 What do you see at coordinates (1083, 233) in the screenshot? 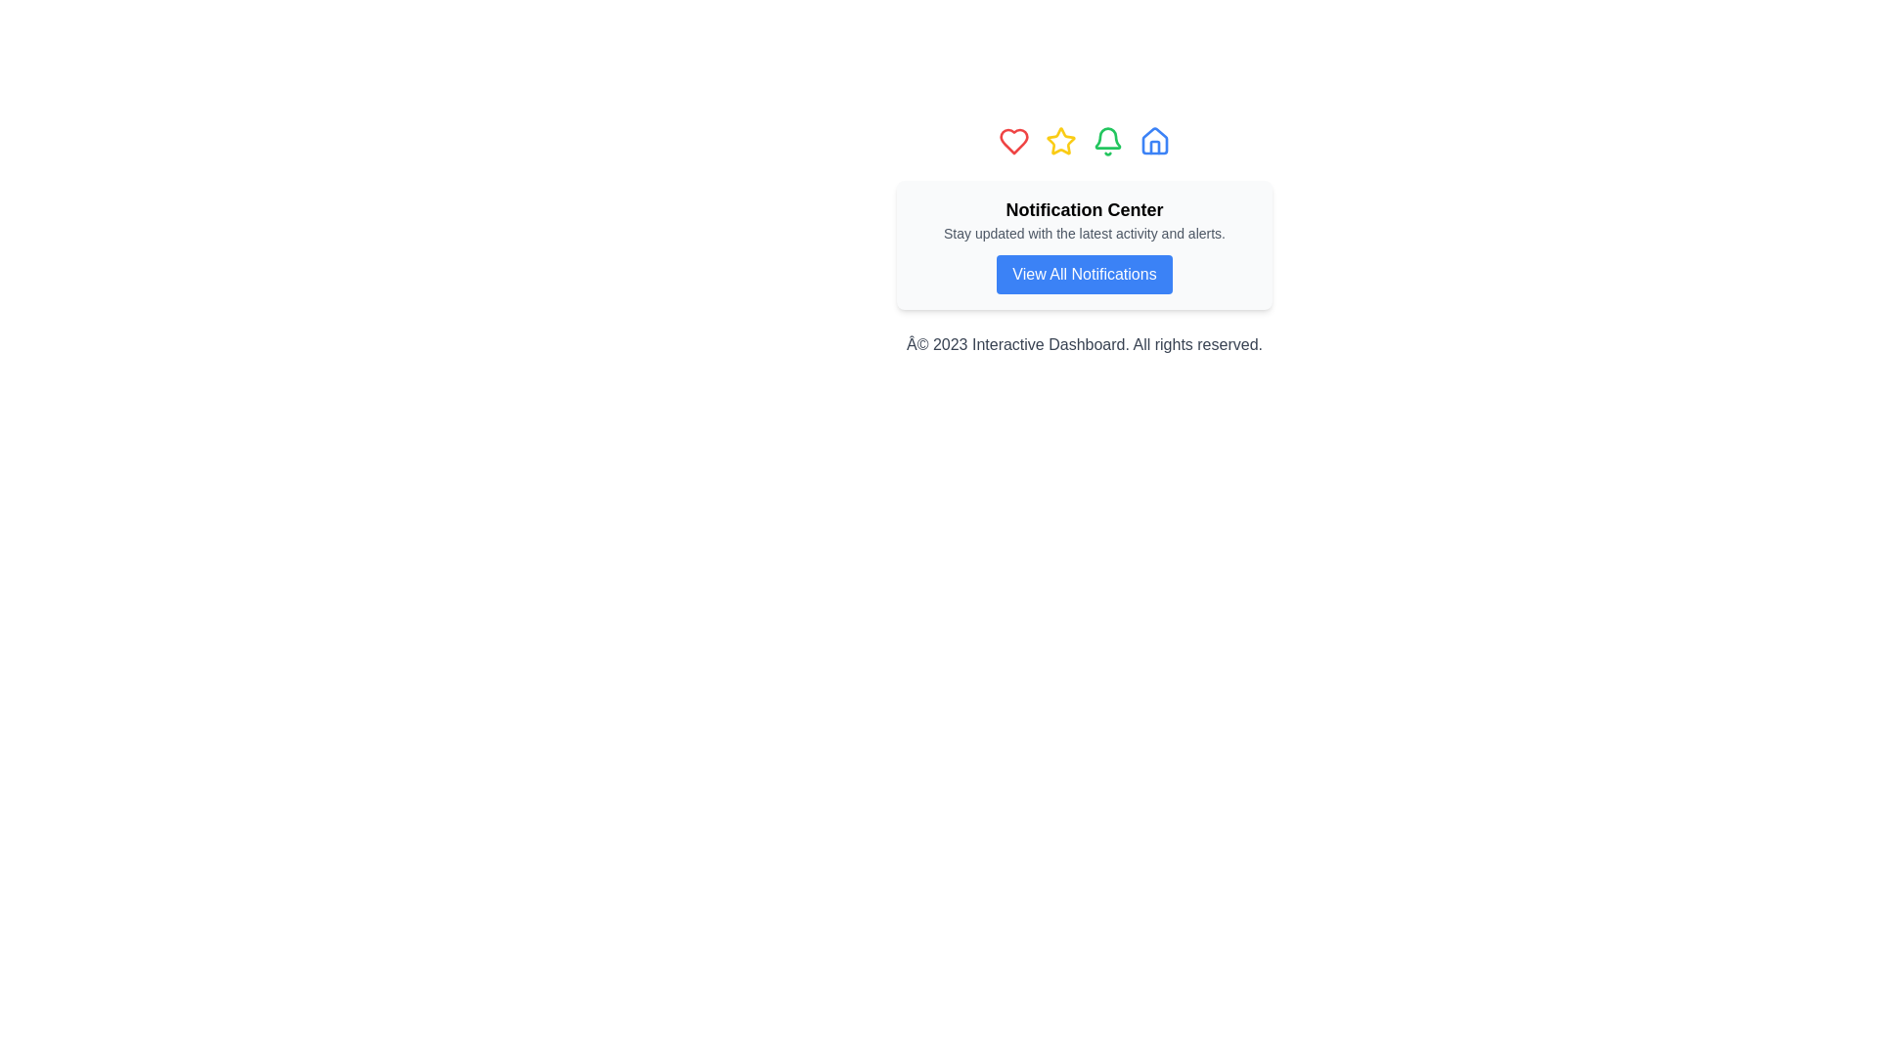
I see `the static text displaying the message 'Stay updated with the latest activity and alerts.' which is positioned below the heading 'Notification Center.'` at bounding box center [1083, 233].